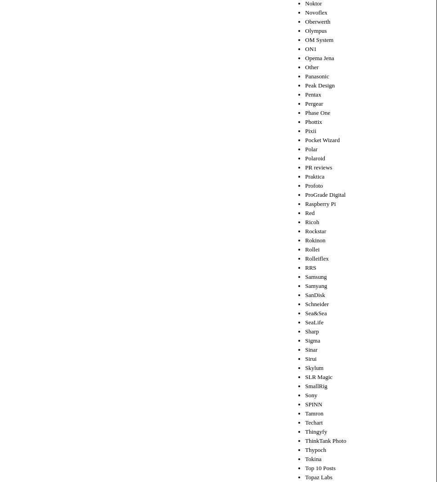  What do you see at coordinates (316, 385) in the screenshot?
I see `'SmallRig'` at bounding box center [316, 385].